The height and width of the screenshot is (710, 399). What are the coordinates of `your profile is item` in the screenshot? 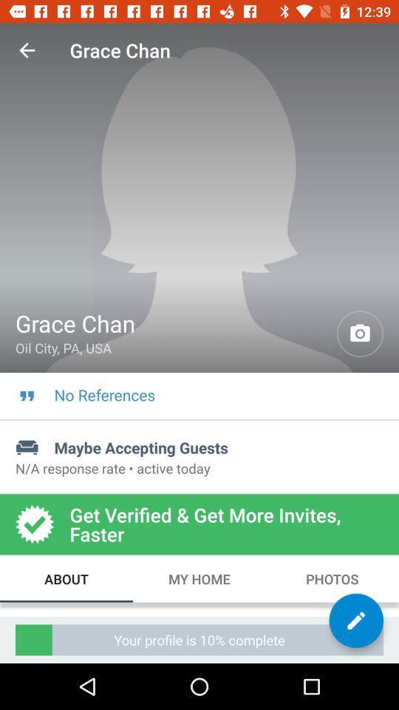 It's located at (199, 639).